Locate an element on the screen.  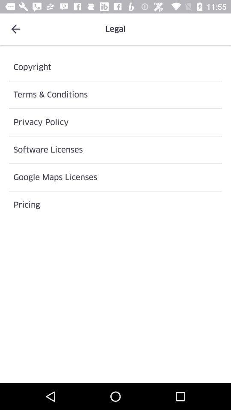
the item next to legal is located at coordinates (15, 29).